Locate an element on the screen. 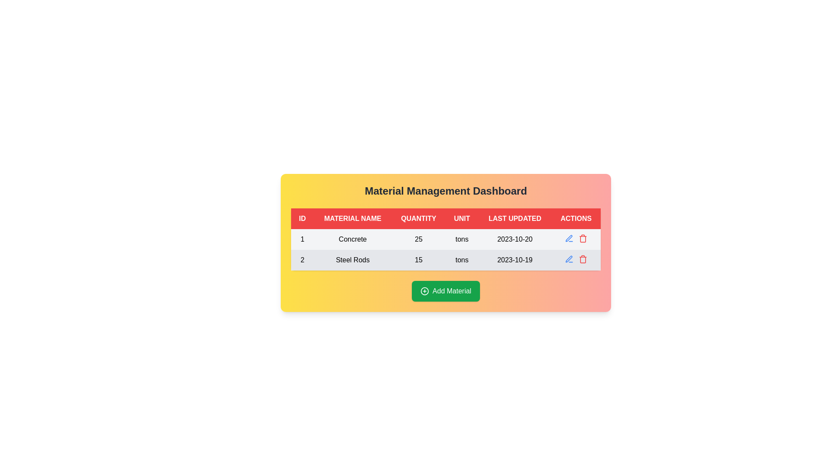  the SVG Circle that represents the plus icon in the 'Add Material' button, located at the bottom center of the interface is located at coordinates (425, 291).